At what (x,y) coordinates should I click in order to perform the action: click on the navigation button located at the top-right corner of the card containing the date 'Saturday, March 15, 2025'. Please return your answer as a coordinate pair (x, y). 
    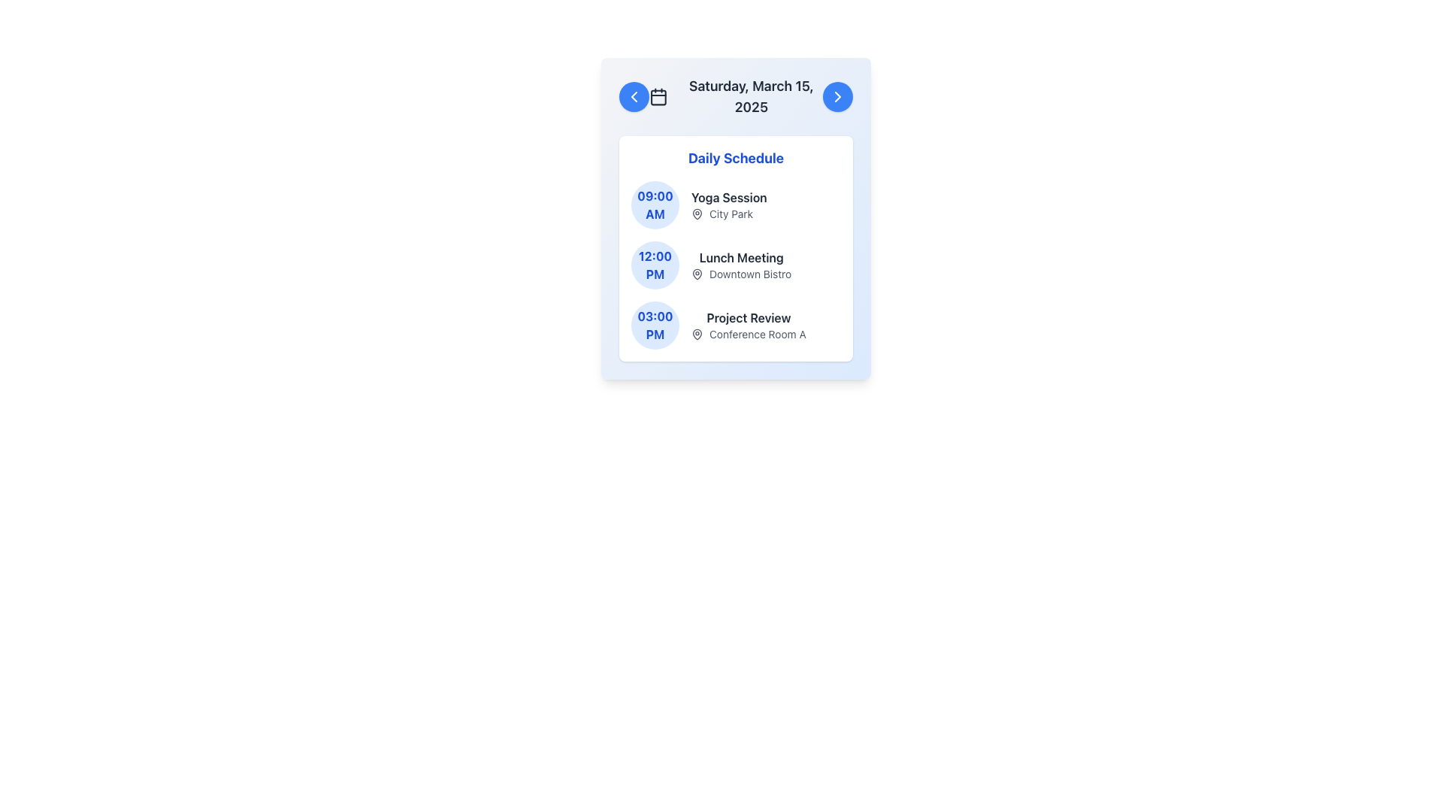
    Looking at the image, I should click on (836, 96).